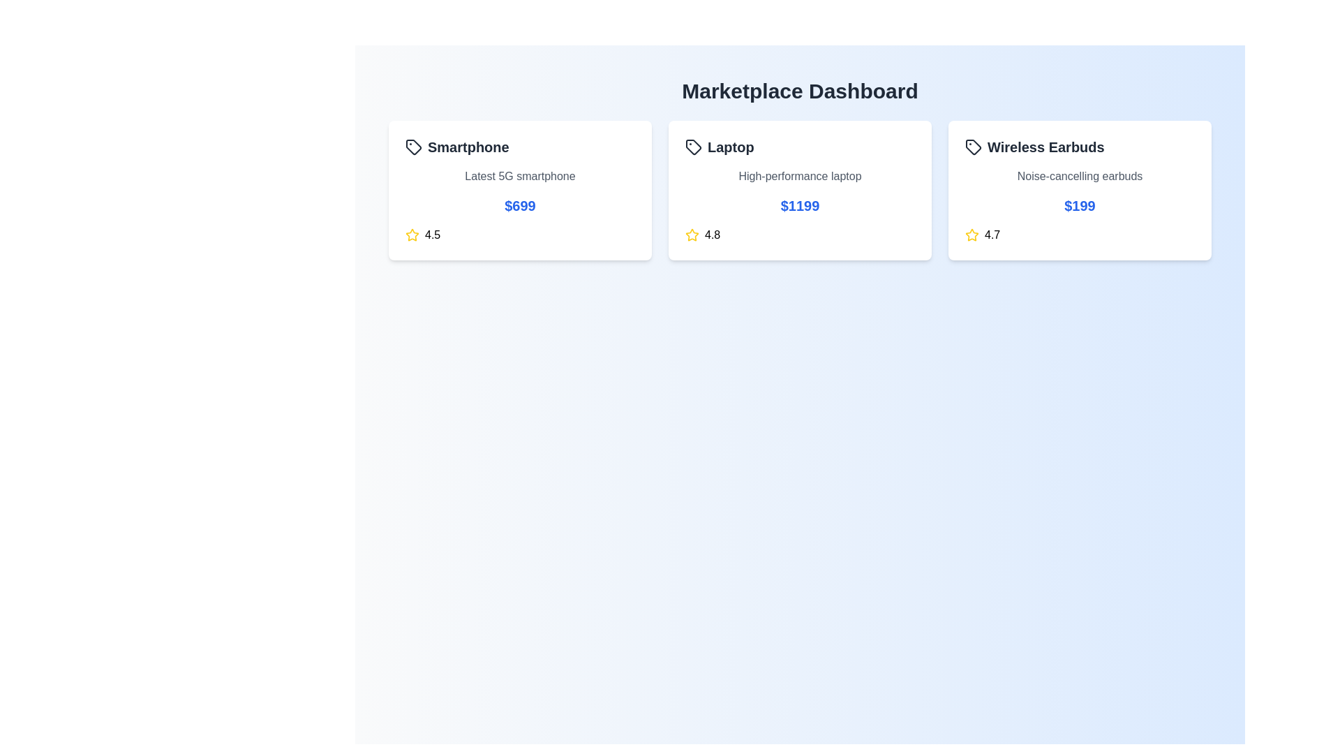  Describe the element at coordinates (1079, 147) in the screenshot. I see `text label 'Wireless Earbuds' which is styled in bold dark gray and located at the top section of a white card, positioned as the third card in a three-card layout` at that location.